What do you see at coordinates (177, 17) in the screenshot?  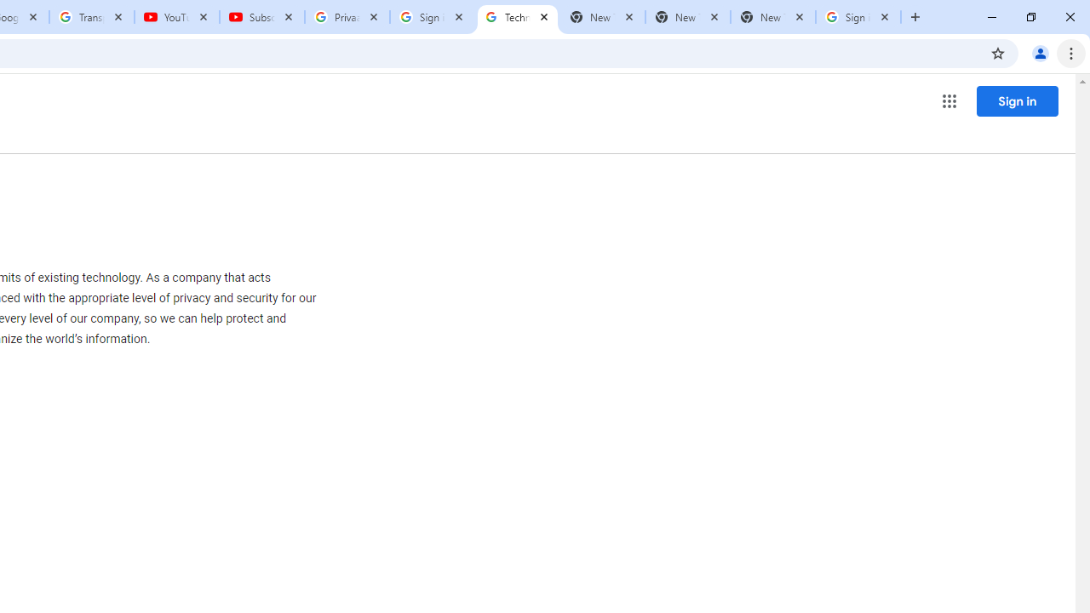 I see `'YouTube'` at bounding box center [177, 17].